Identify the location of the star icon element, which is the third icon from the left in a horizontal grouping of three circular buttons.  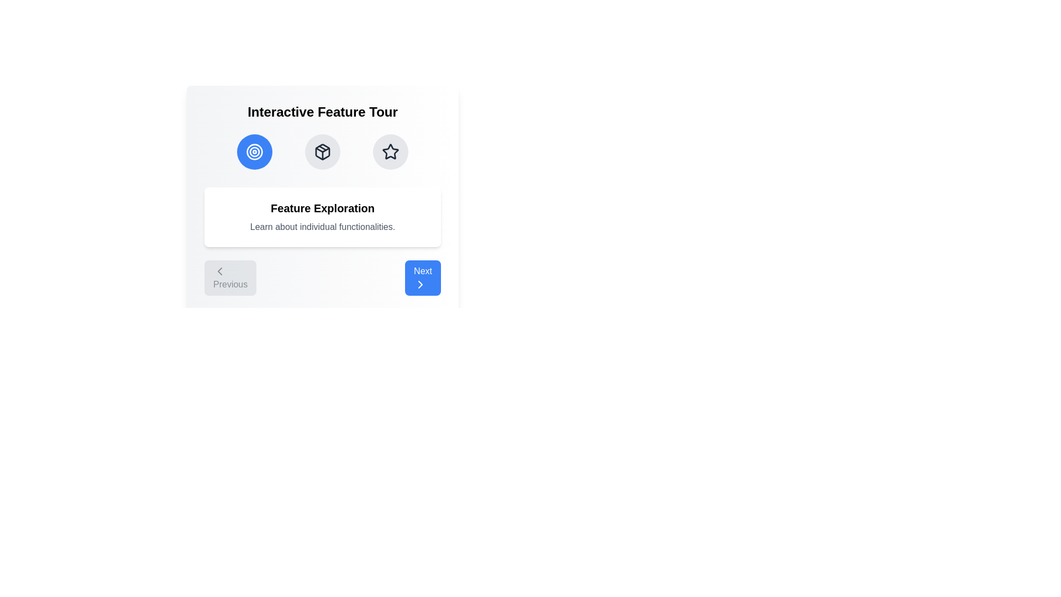
(390, 151).